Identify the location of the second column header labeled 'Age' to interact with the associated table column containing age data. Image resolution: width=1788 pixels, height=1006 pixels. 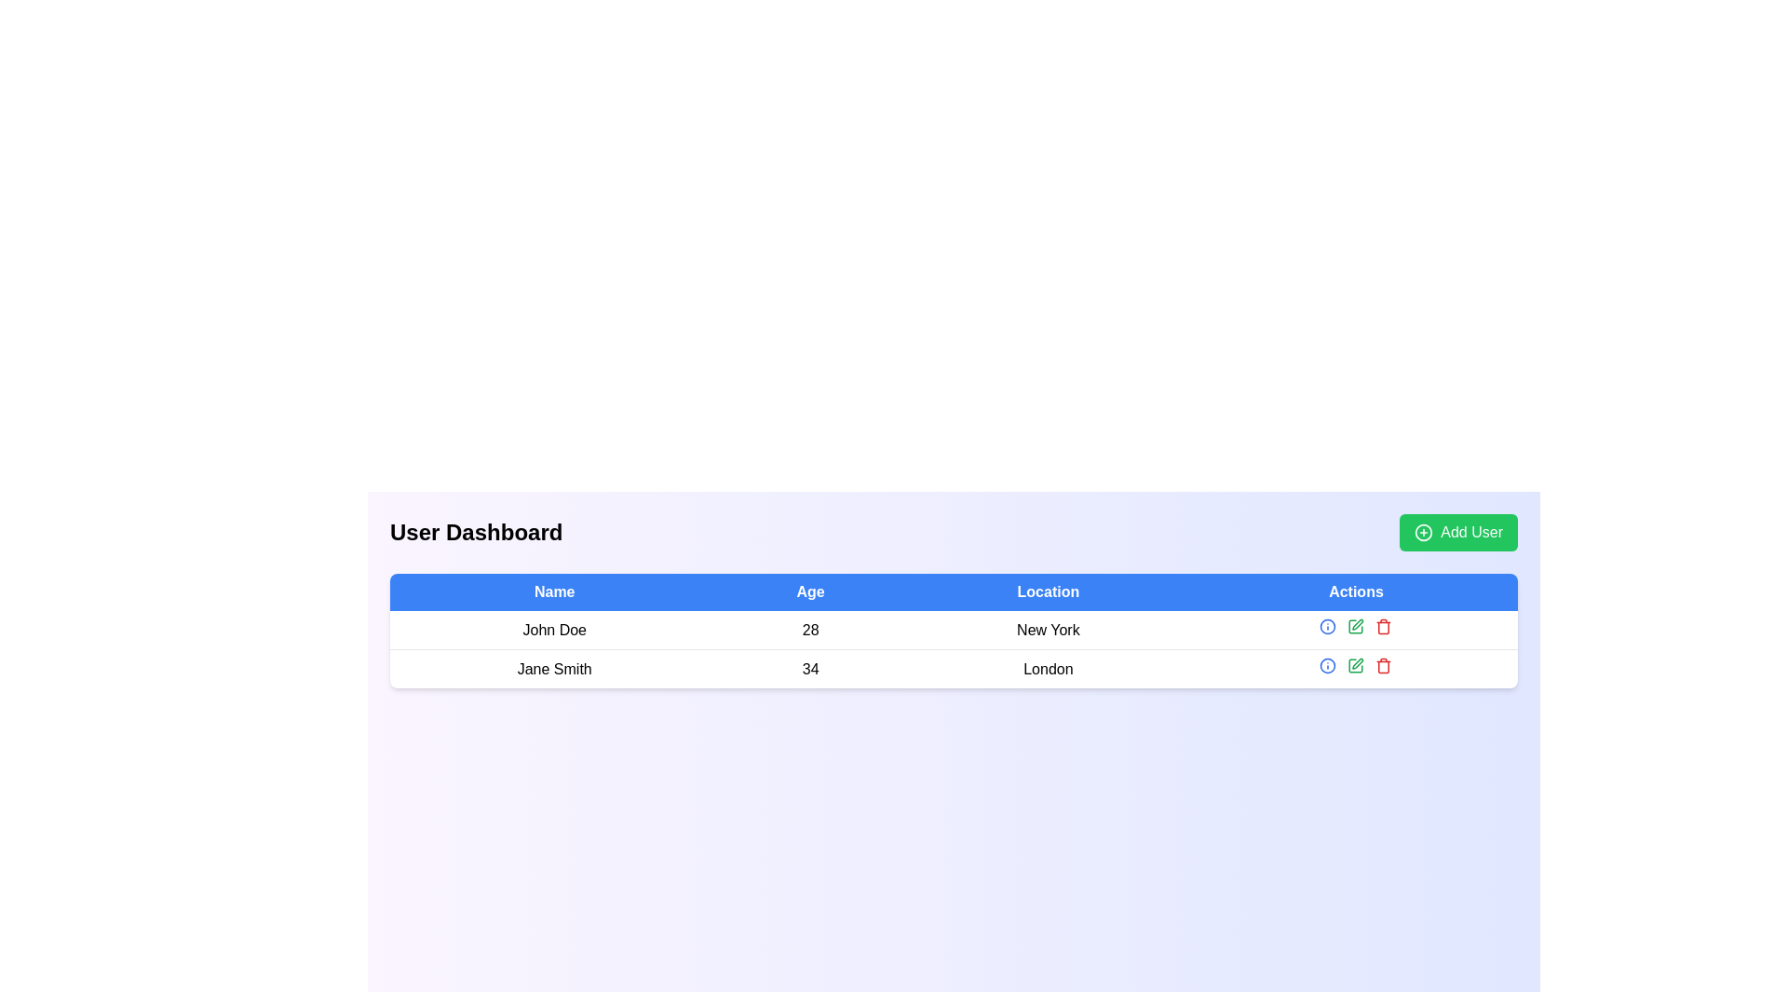
(810, 592).